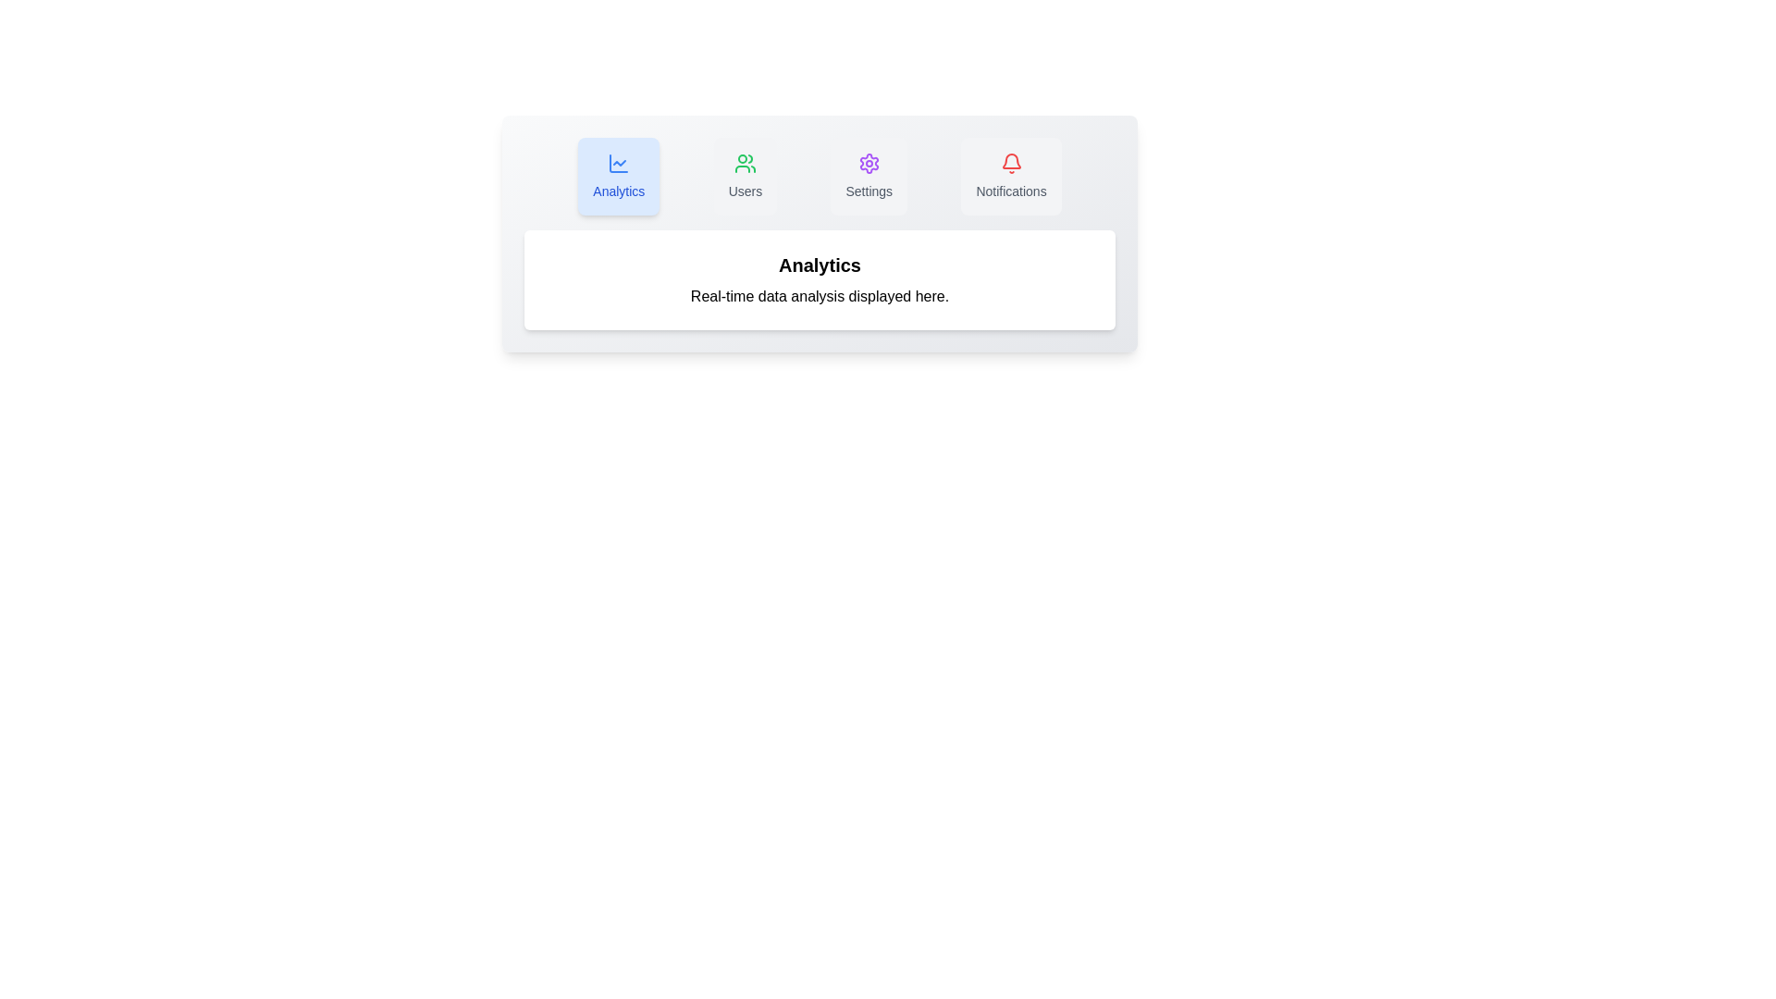 Image resolution: width=1776 pixels, height=999 pixels. I want to click on the Notifications tab to switch to it, so click(1010, 177).